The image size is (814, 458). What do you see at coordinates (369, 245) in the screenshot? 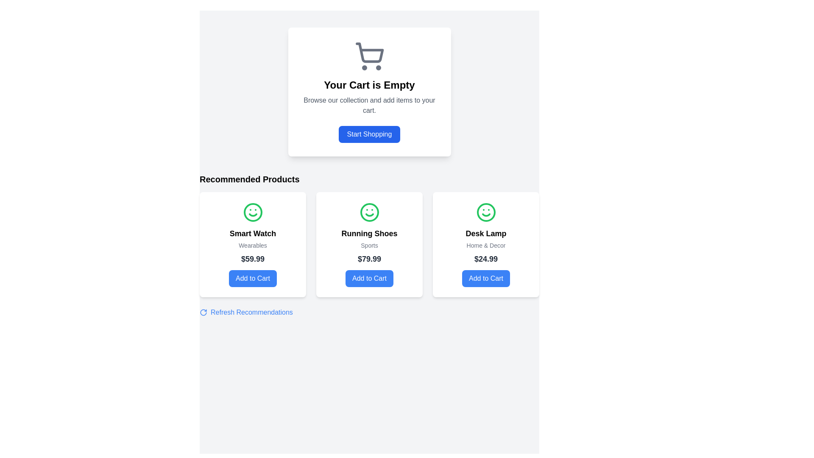
I see `the non-interactive Text Label that describes the product category for 'Running Shoes' located under 'Recommended Products', positioned between the product name and the price` at bounding box center [369, 245].